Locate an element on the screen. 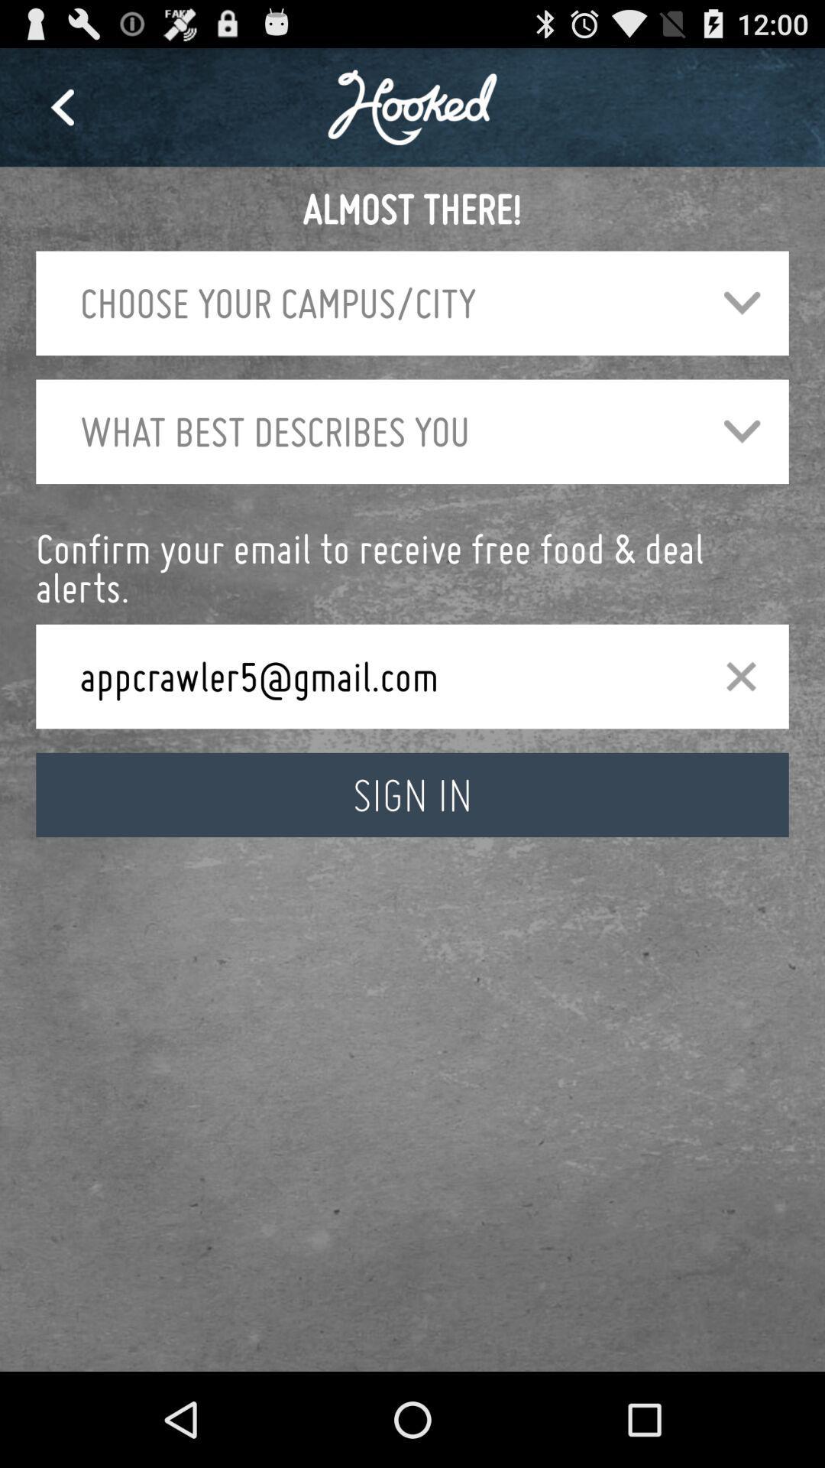 This screenshot has width=825, height=1468. the icon below the appcrawler5@gmail.com item is located at coordinates (412, 794).